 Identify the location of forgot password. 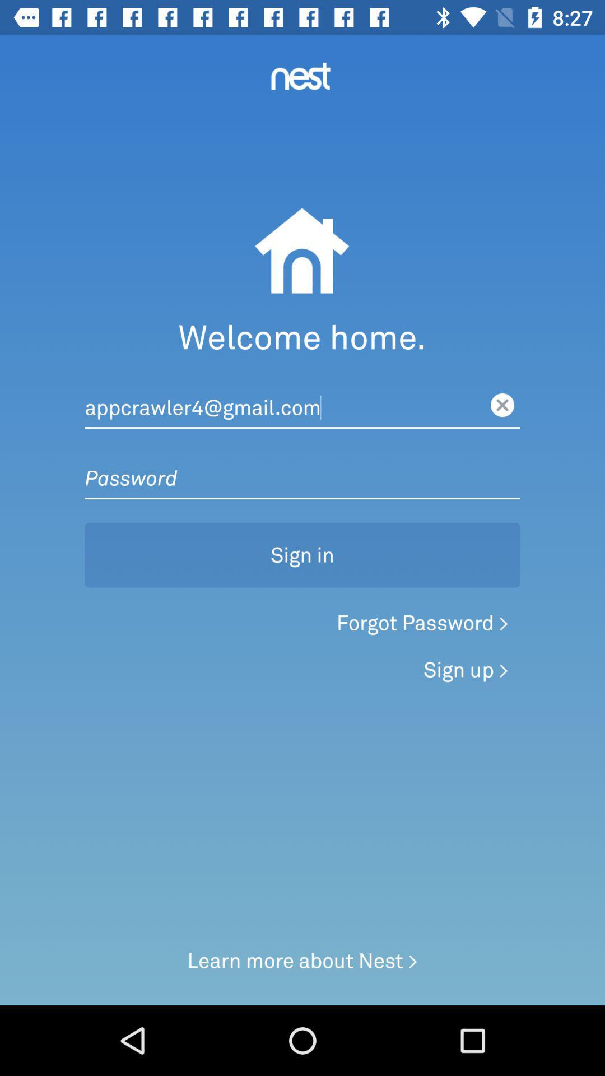
(422, 623).